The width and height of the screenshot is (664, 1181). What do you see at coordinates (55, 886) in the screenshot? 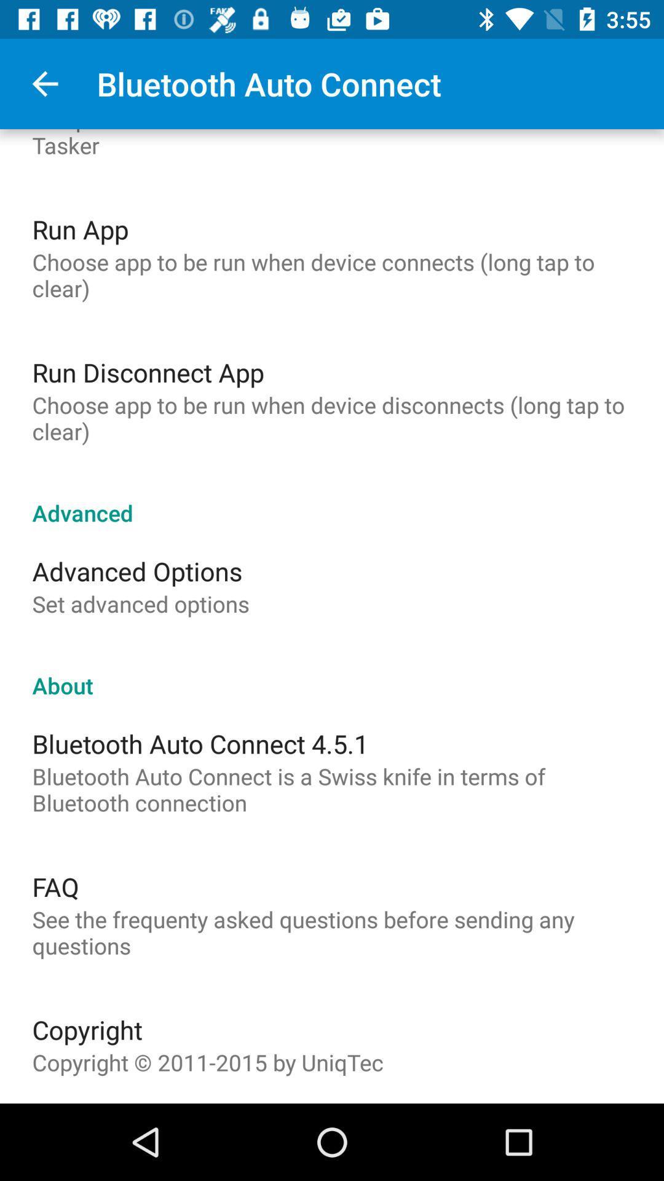
I see `icon above the see the frequenty item` at bounding box center [55, 886].